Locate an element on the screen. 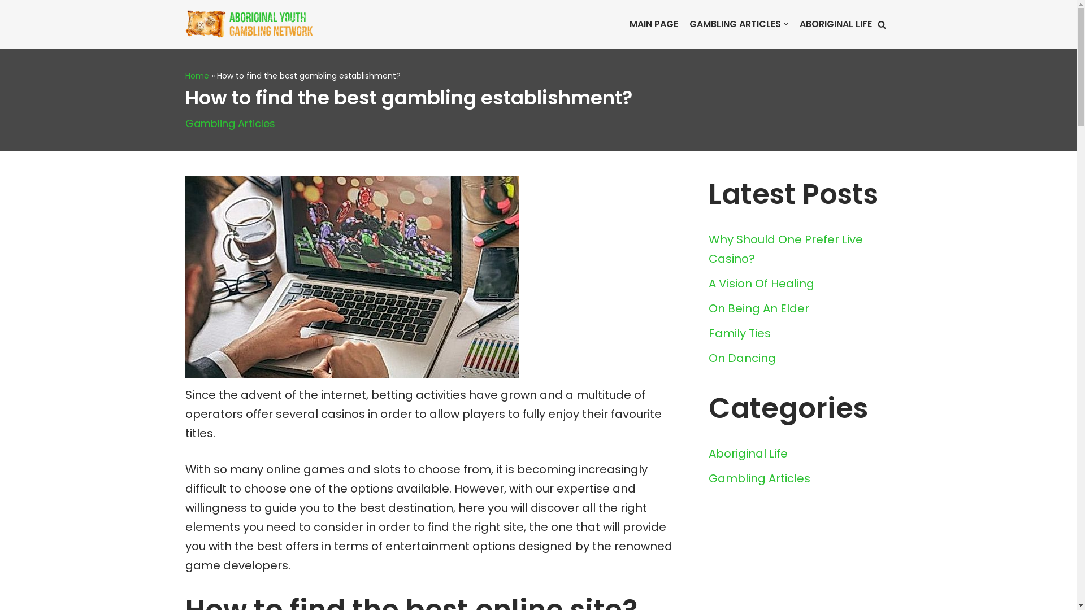 Image resolution: width=1085 pixels, height=610 pixels. 'A Vision Of Healing' is located at coordinates (761, 282).